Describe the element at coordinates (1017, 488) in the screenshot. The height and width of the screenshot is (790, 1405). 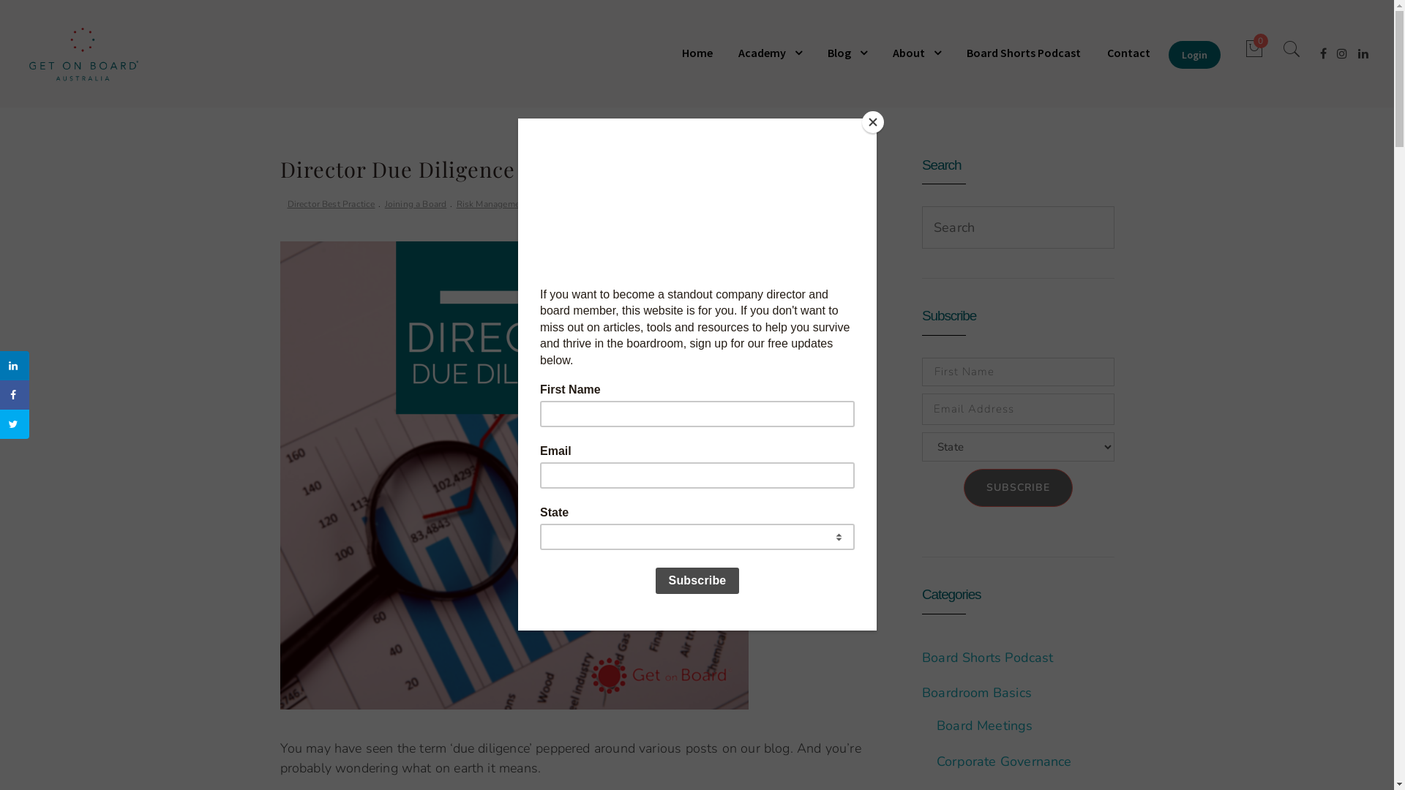
I see `'SUBSCRIBE'` at that location.